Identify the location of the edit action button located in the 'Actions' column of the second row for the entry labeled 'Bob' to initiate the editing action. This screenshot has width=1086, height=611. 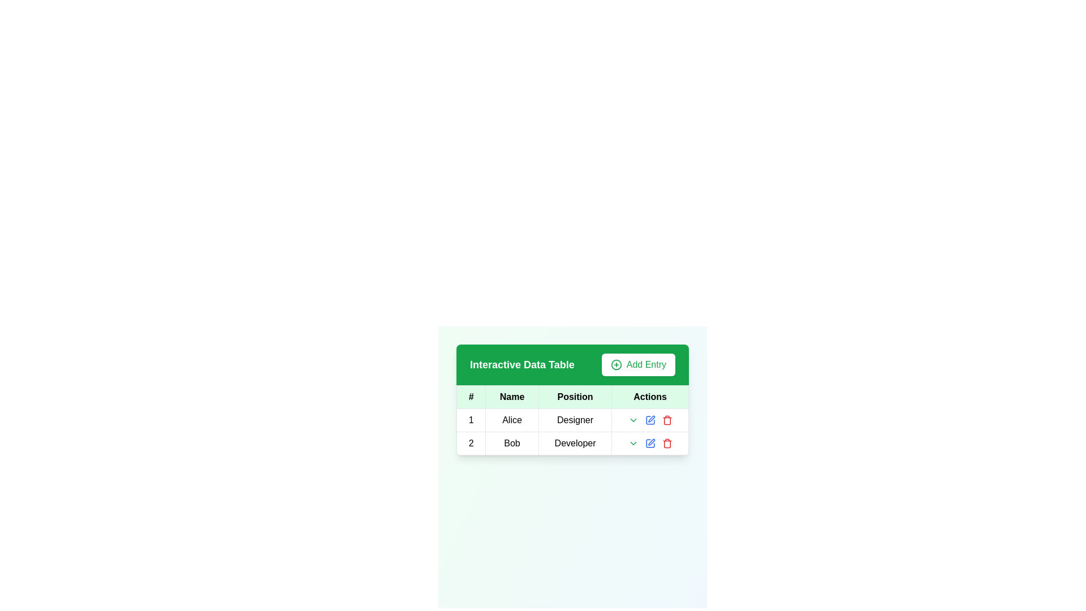
(650, 420).